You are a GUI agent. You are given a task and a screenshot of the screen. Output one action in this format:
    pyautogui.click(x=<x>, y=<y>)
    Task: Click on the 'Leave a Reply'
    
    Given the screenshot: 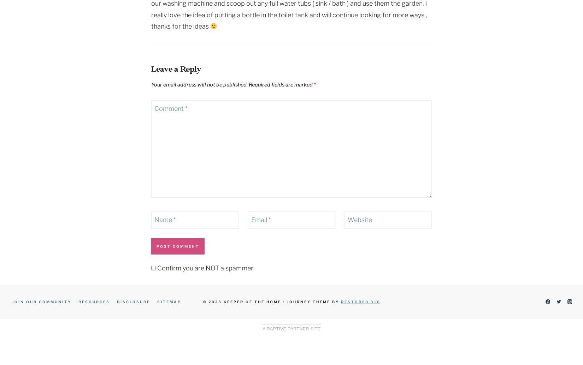 What is the action you would take?
    pyautogui.click(x=176, y=69)
    